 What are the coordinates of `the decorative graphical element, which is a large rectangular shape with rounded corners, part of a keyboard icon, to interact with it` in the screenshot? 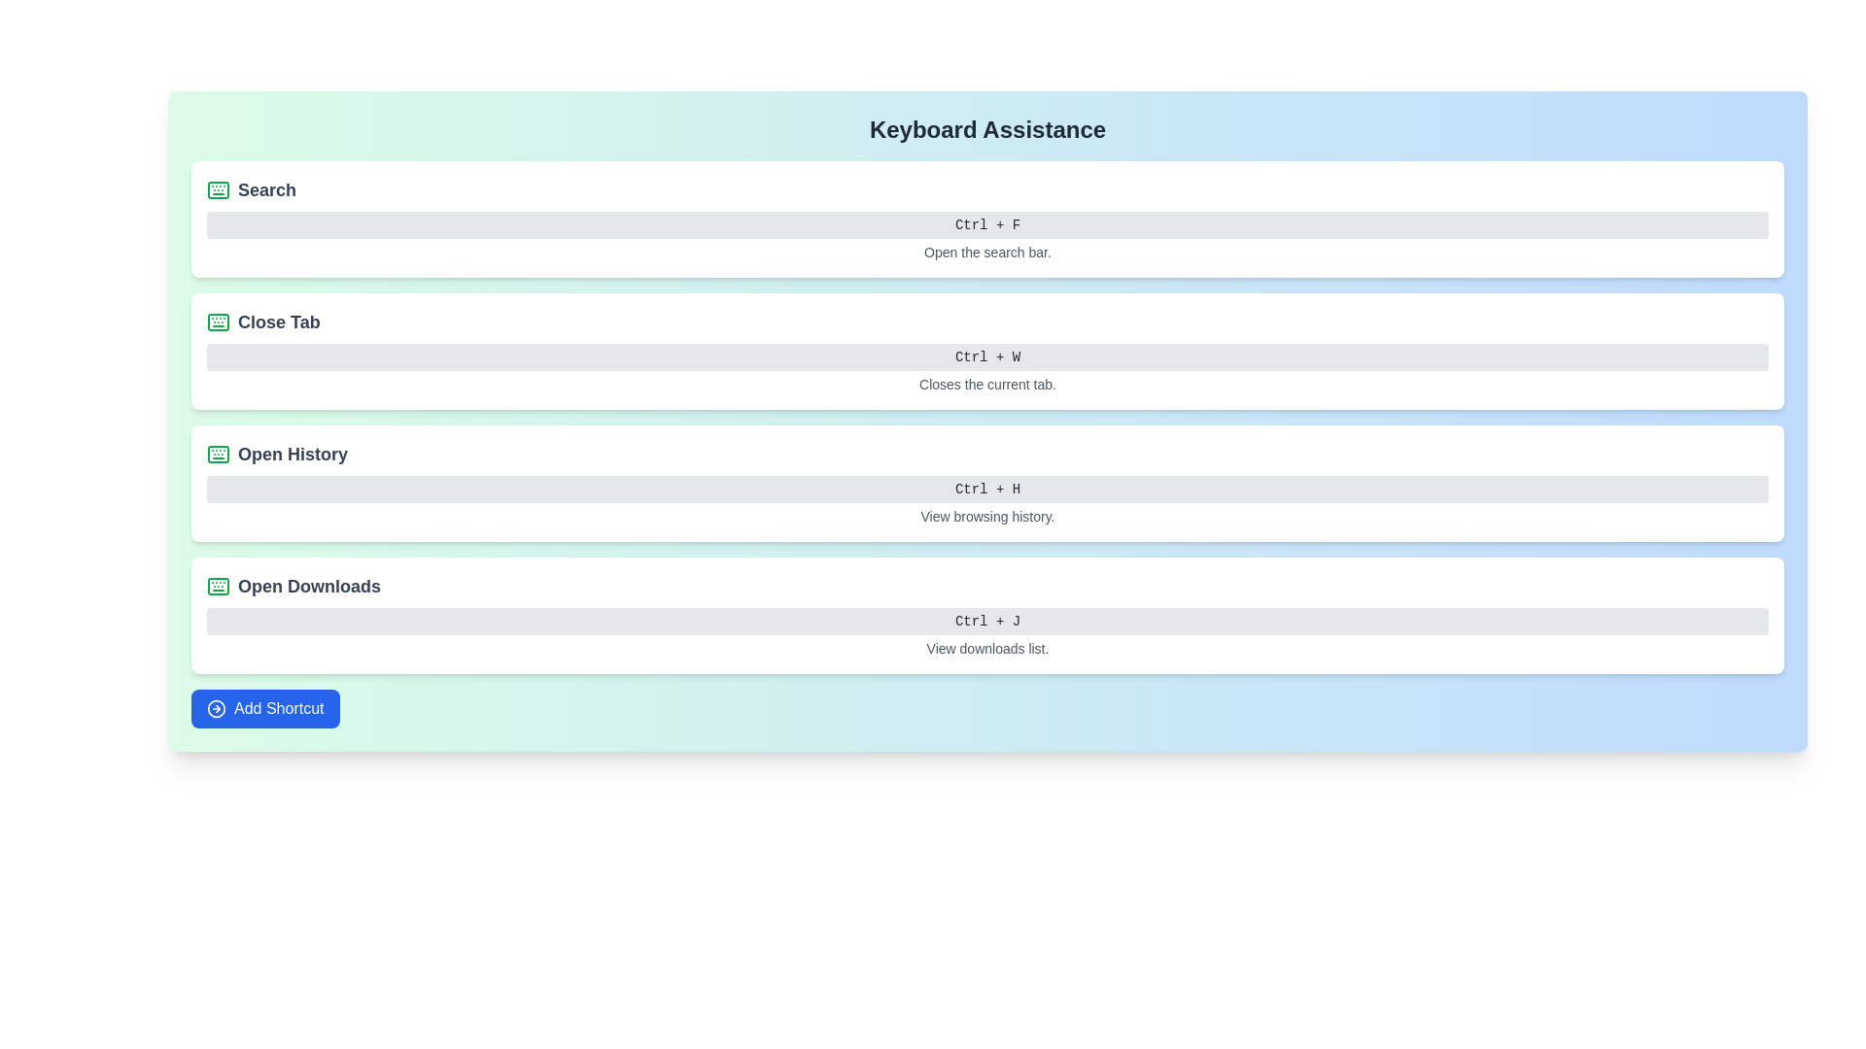 It's located at (219, 454).